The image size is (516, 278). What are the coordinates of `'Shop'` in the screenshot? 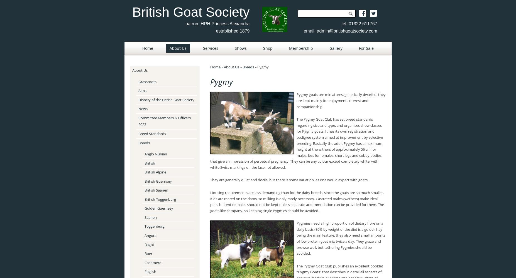 It's located at (268, 48).